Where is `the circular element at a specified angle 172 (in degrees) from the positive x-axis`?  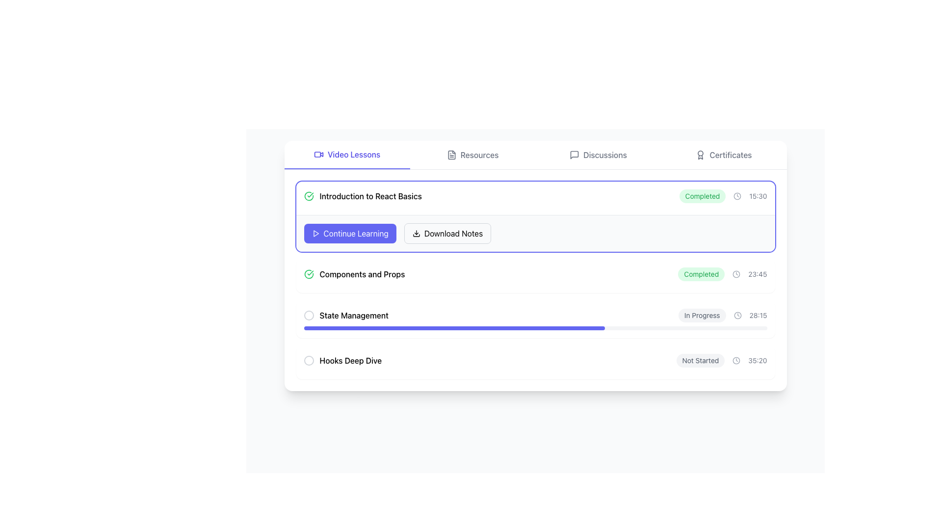 the circular element at a specified angle 172 (in degrees) from the positive x-axis is located at coordinates (732, 360).